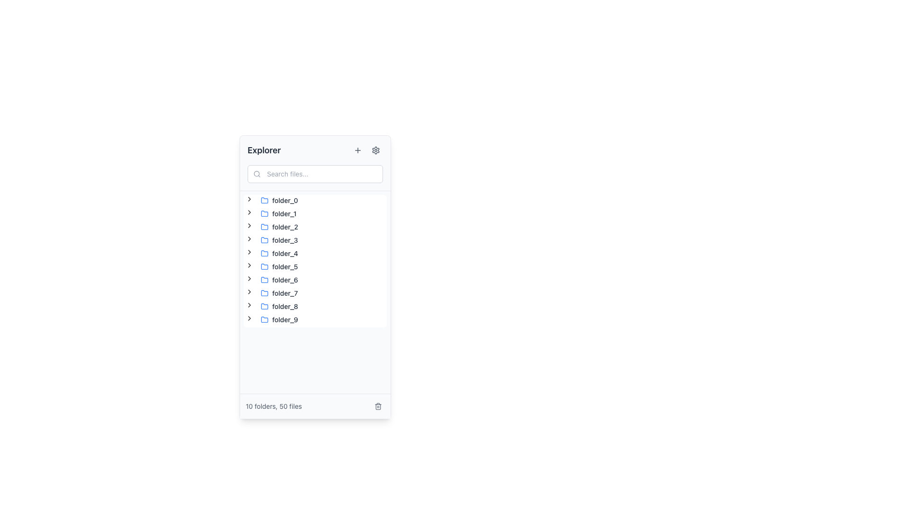  I want to click on on the right-facing chevron icon adjacent, so click(250, 318).